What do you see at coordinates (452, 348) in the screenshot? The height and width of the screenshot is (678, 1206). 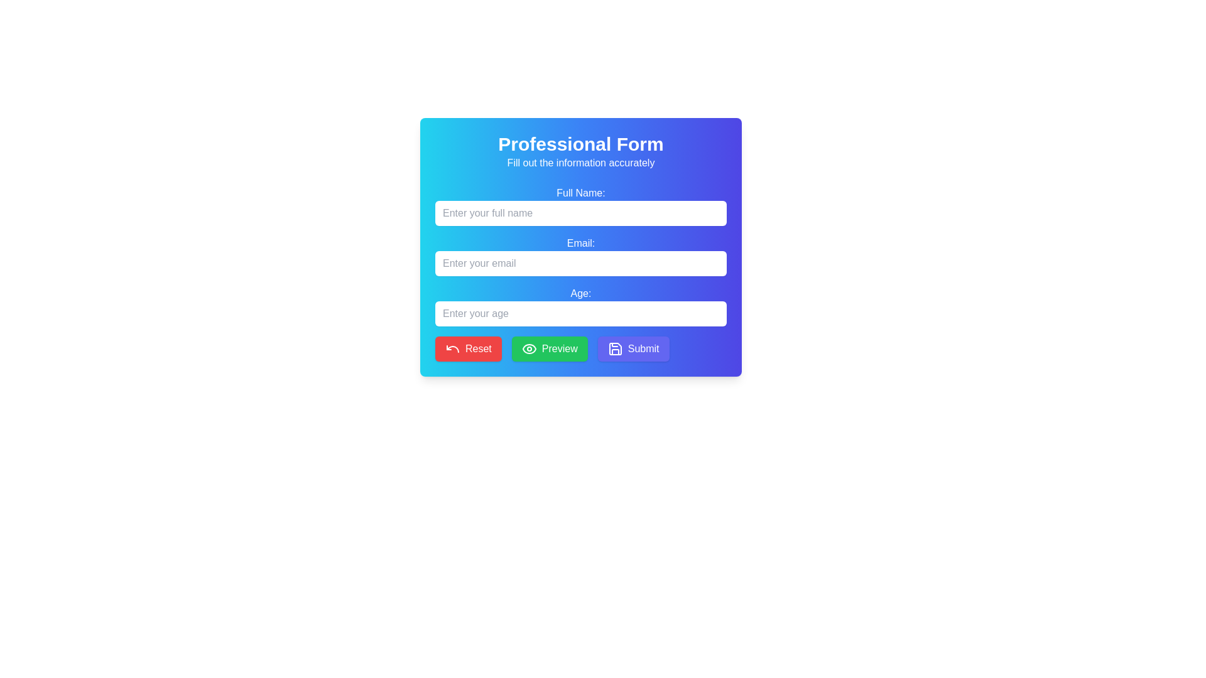 I see `the red undo arrow icon, which is located within the Reset button at the bottom-left side of the form interface` at bounding box center [452, 348].